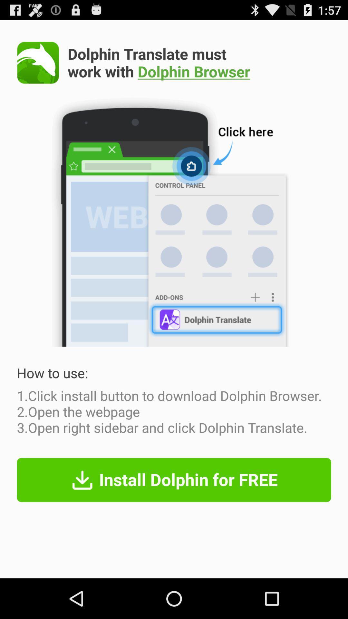 The image size is (348, 619). I want to click on app, so click(38, 63).